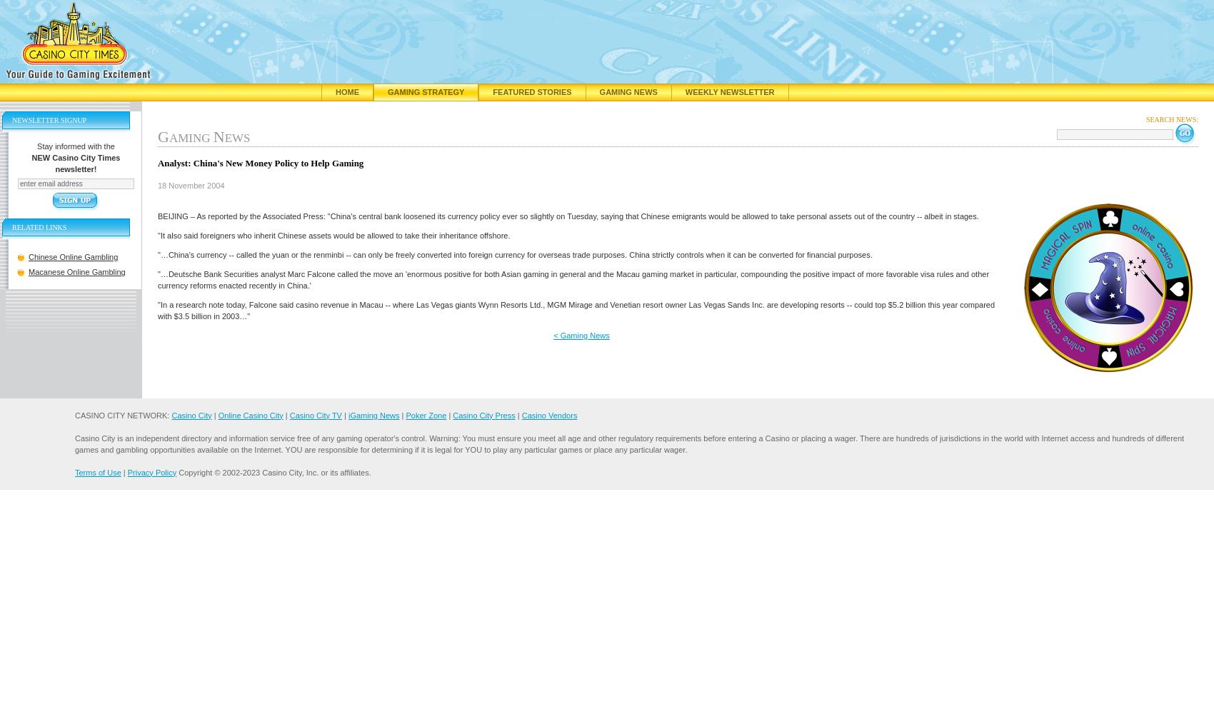 This screenshot has width=1214, height=714. Describe the element at coordinates (273, 472) in the screenshot. I see `'Copyright © 2002-2023 Casino City, Inc. or its affiliates.'` at that location.